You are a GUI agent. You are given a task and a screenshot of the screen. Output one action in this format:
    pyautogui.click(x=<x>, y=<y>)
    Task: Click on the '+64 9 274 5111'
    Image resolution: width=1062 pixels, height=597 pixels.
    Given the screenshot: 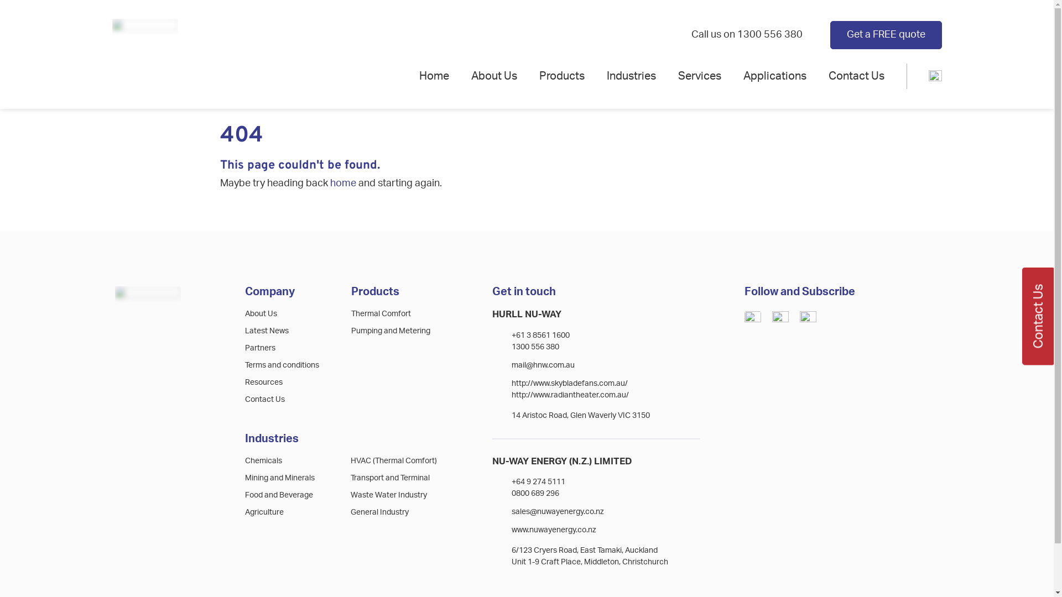 What is the action you would take?
    pyautogui.click(x=511, y=481)
    